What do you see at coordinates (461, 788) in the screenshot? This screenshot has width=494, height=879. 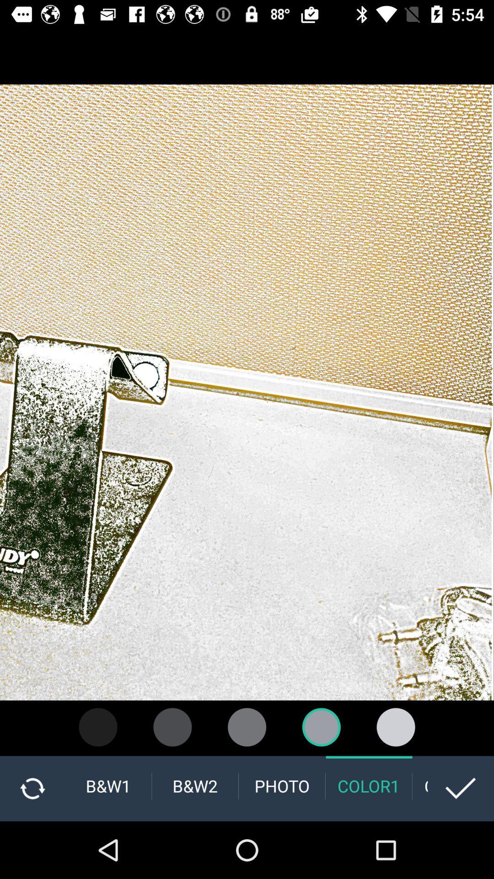 I see `the check icon` at bounding box center [461, 788].